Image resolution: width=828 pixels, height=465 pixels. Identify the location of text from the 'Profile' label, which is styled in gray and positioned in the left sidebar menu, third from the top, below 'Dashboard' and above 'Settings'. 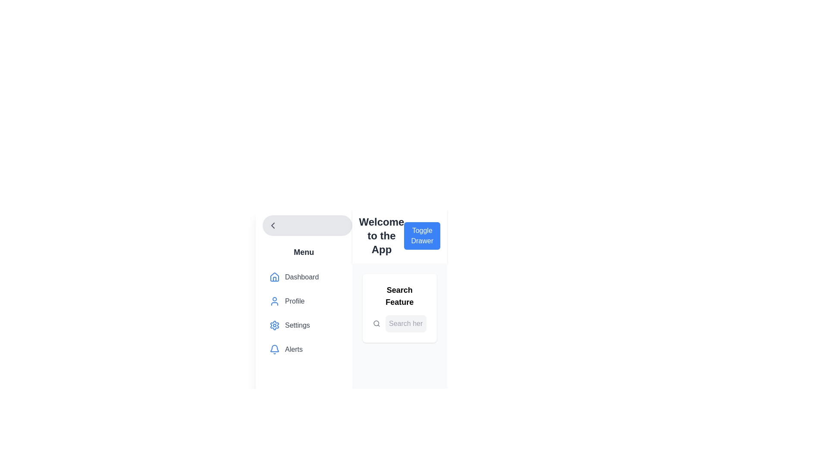
(295, 301).